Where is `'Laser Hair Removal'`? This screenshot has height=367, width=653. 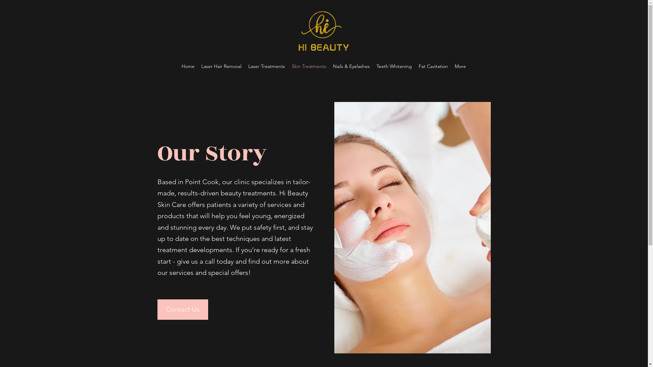
'Laser Hair Removal' is located at coordinates (197, 66).